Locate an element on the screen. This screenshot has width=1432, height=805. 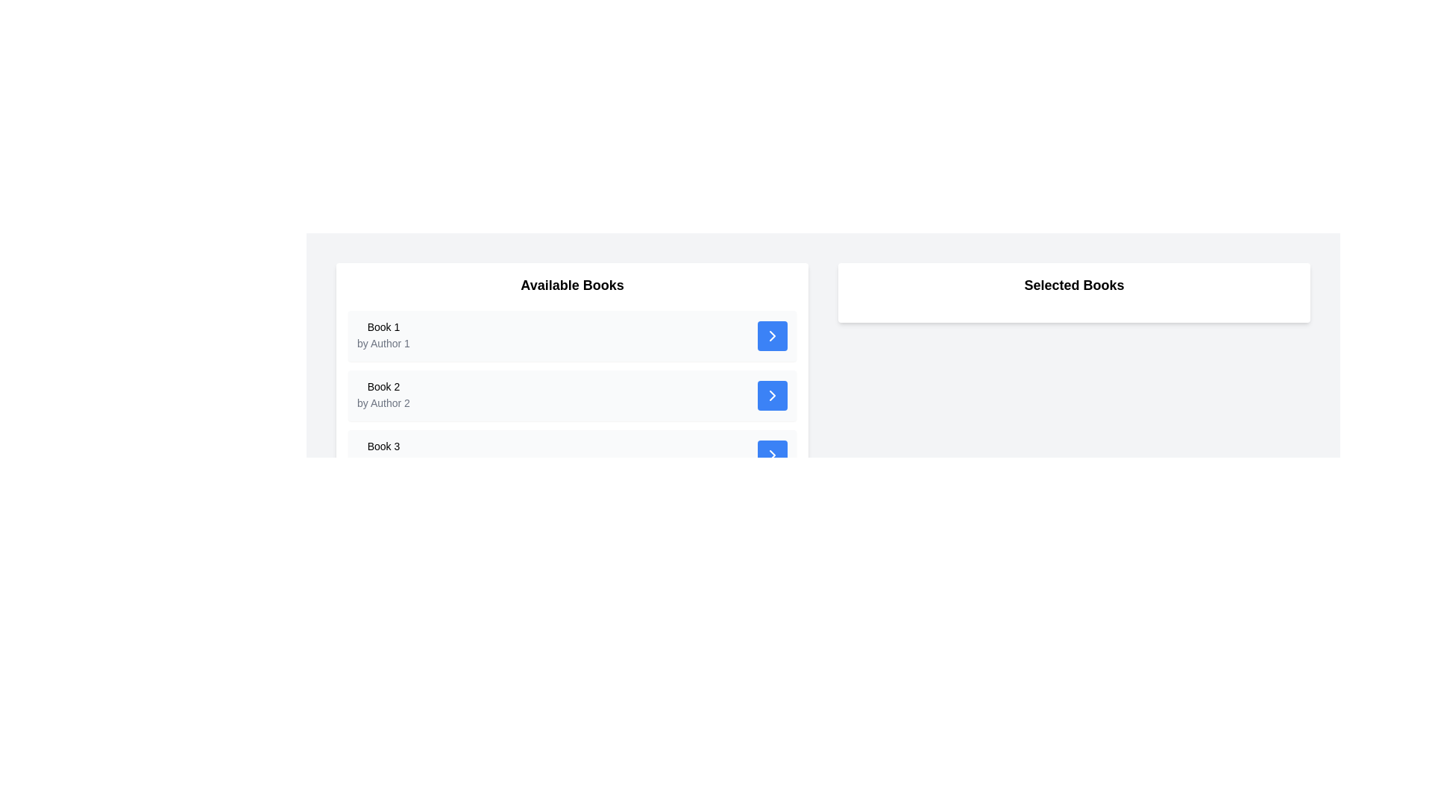
book's title 'Book 1' and author 'by Author 1' from the first card in the 'Available Books' section, which contains a blue button on the right side is located at coordinates (571, 336).